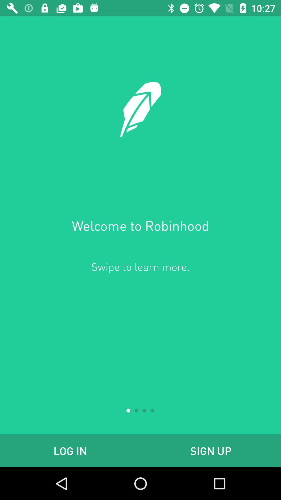 The height and width of the screenshot is (500, 281). Describe the element at coordinates (70, 451) in the screenshot. I see `log in icon` at that location.